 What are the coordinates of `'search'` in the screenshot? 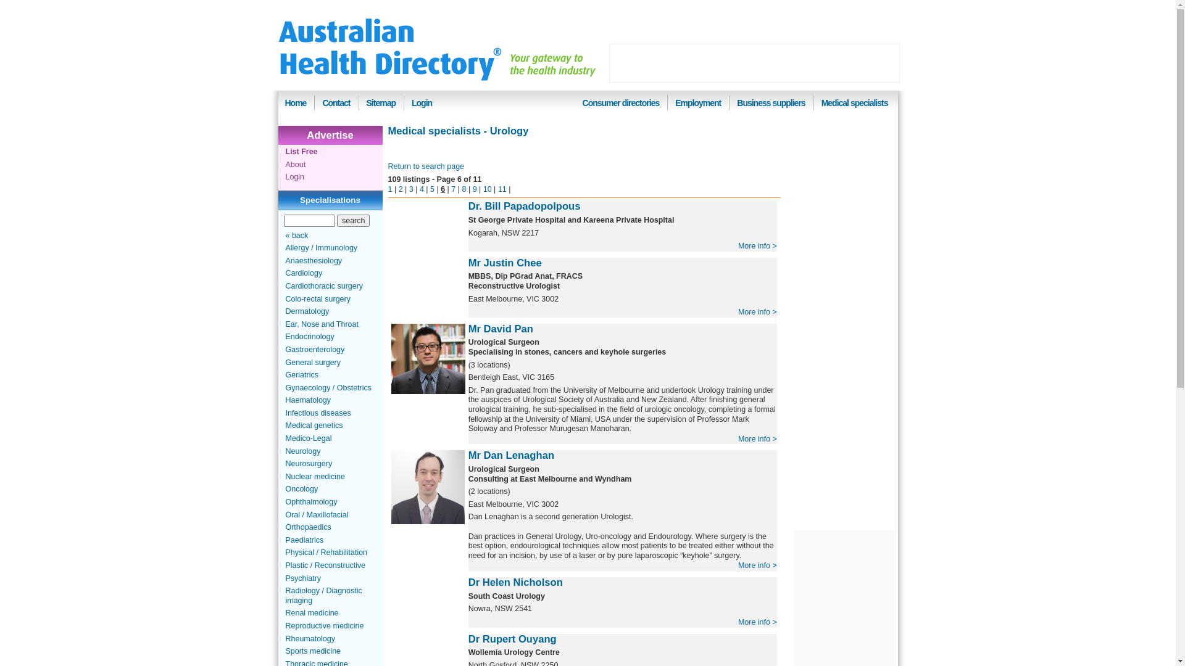 It's located at (337, 220).